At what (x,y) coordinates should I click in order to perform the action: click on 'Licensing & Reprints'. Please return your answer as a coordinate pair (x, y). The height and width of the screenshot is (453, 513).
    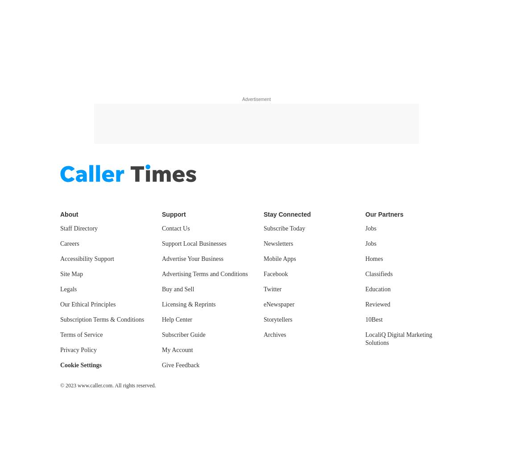
    Looking at the image, I should click on (188, 304).